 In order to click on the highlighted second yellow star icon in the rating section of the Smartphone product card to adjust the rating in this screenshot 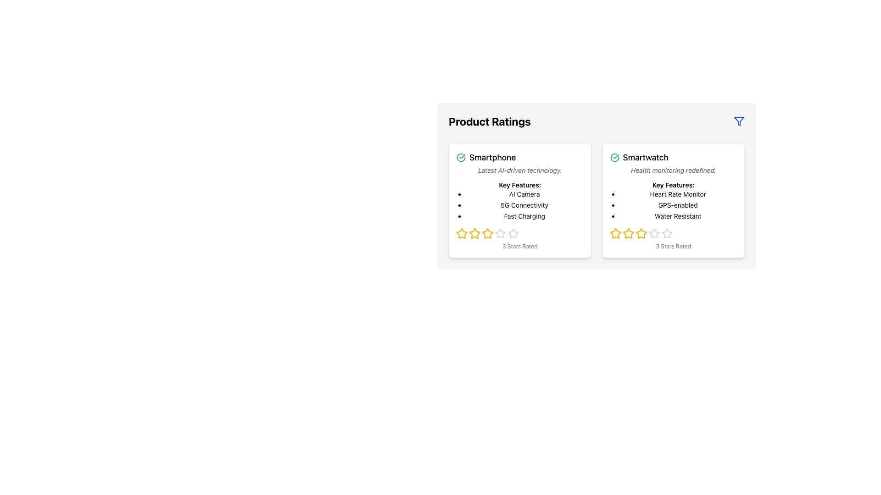, I will do `click(474, 233)`.